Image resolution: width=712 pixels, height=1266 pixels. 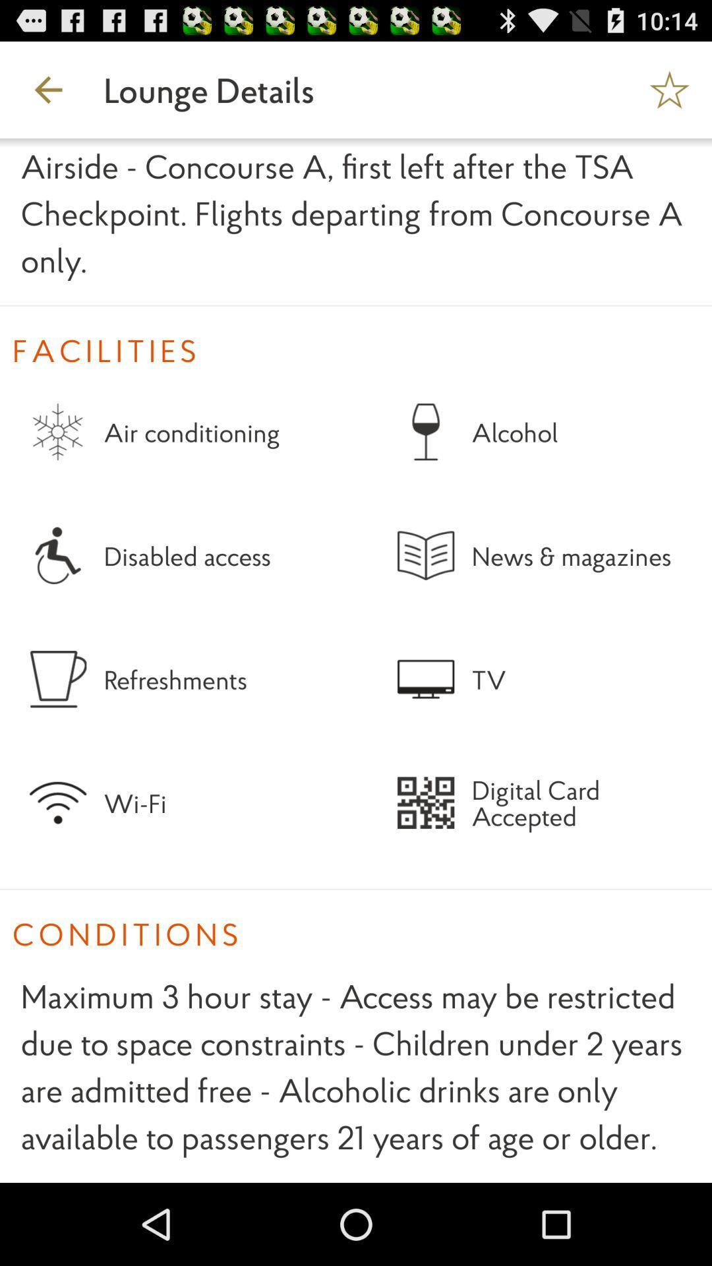 What do you see at coordinates (47, 89) in the screenshot?
I see `the app next to lounge details app` at bounding box center [47, 89].